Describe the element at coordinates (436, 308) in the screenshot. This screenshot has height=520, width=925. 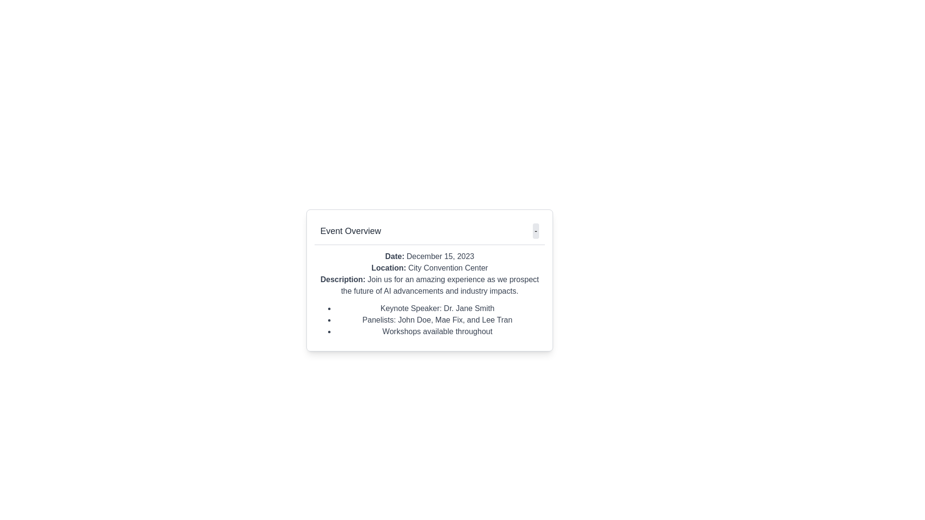
I see `text content about the keynote speaker, Dr. Jane Smith, which is the first item in a bulleted list below 'Event Overview'` at that location.